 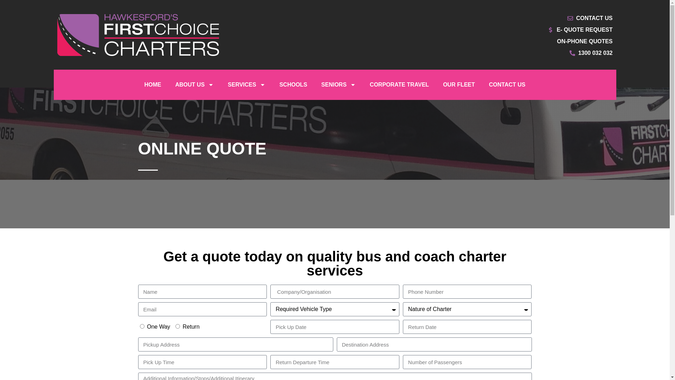 What do you see at coordinates (363, 84) in the screenshot?
I see `'CORPORATE TRAVEL'` at bounding box center [363, 84].